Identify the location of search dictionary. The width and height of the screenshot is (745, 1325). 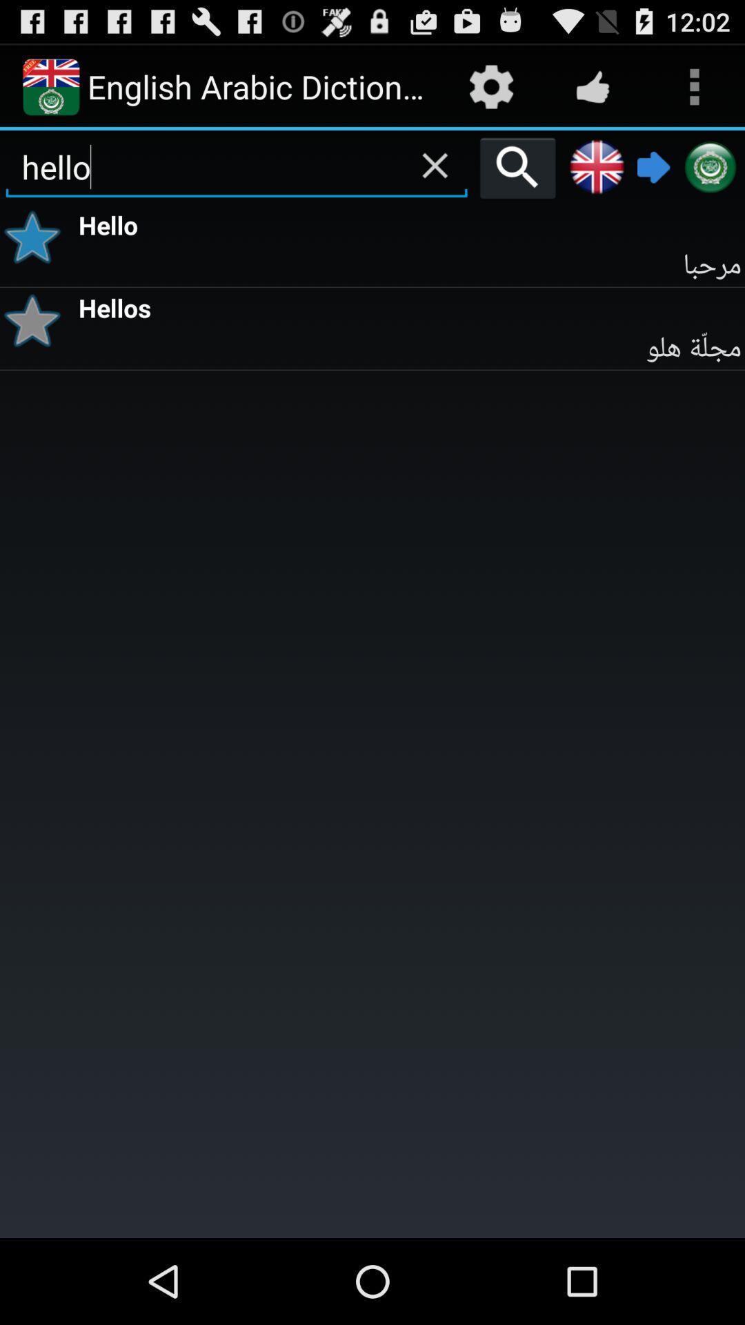
(517, 167).